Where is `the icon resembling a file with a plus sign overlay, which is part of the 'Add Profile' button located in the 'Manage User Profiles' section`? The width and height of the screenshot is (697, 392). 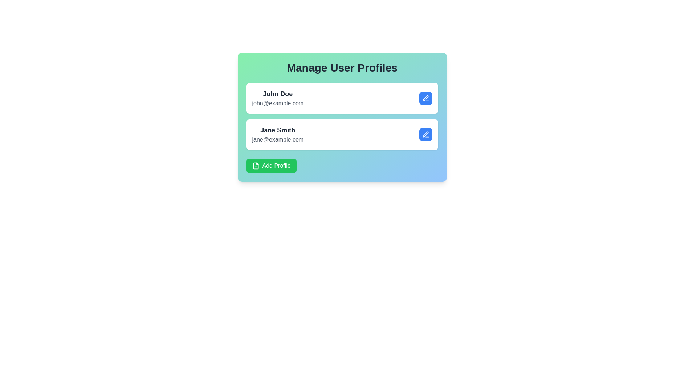
the icon resembling a file with a plus sign overlay, which is part of the 'Add Profile' button located in the 'Manage User Profiles' section is located at coordinates (256, 166).